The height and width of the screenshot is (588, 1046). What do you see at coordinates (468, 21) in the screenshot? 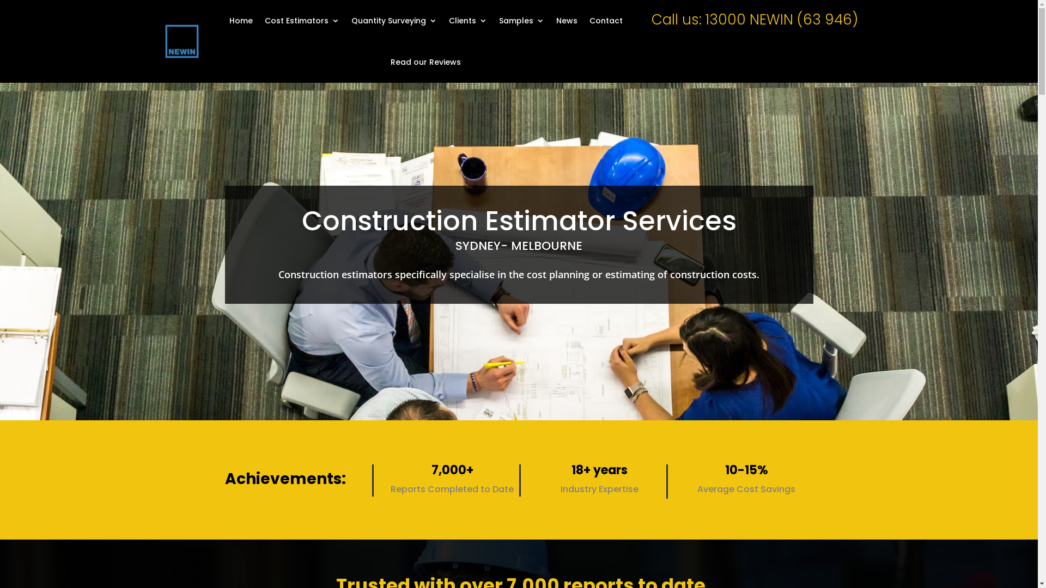
I see `'Clients'` at bounding box center [468, 21].